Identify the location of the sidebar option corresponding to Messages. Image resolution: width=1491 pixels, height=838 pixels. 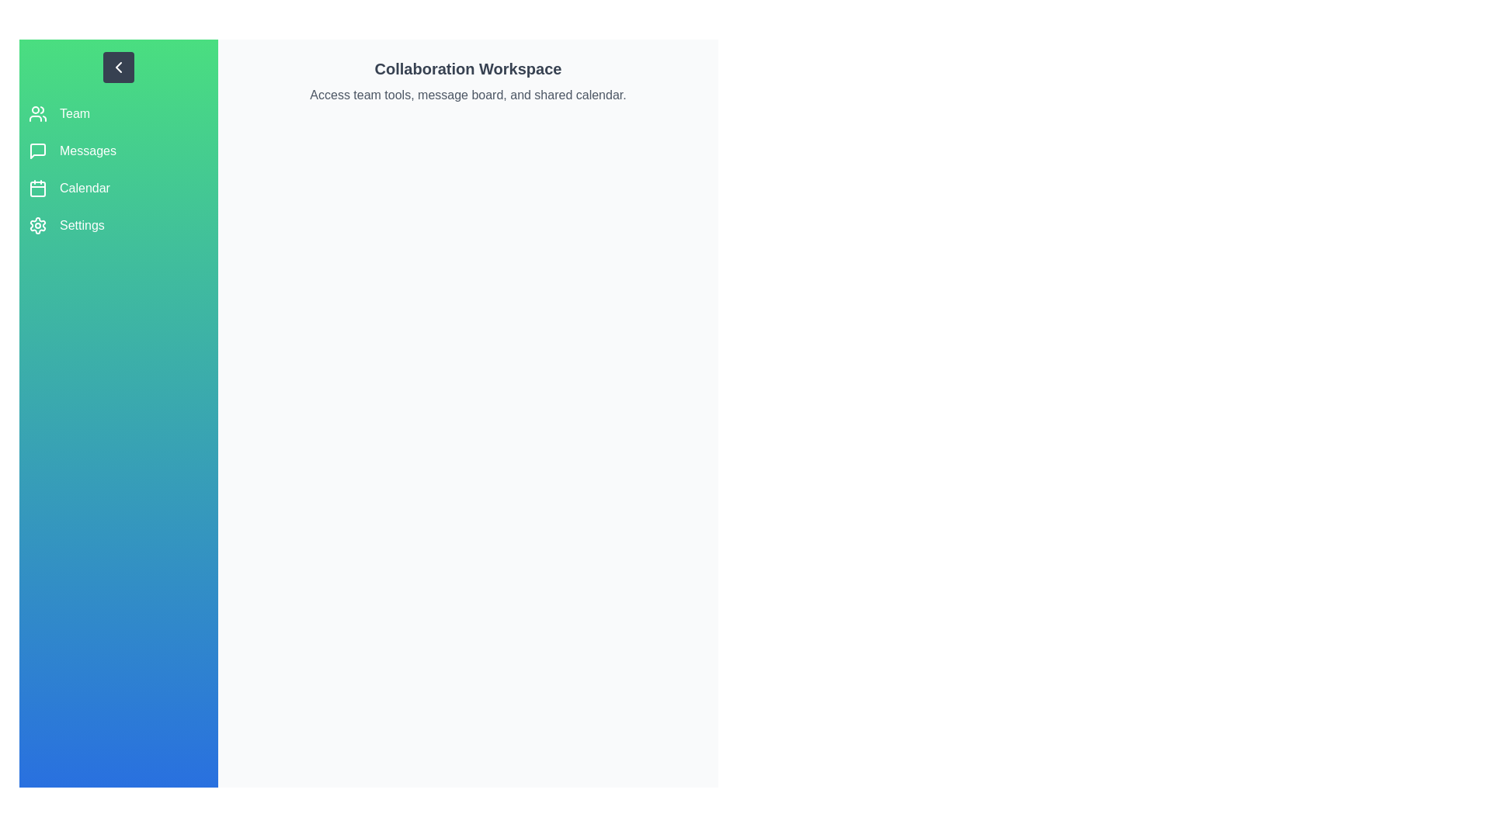
(118, 151).